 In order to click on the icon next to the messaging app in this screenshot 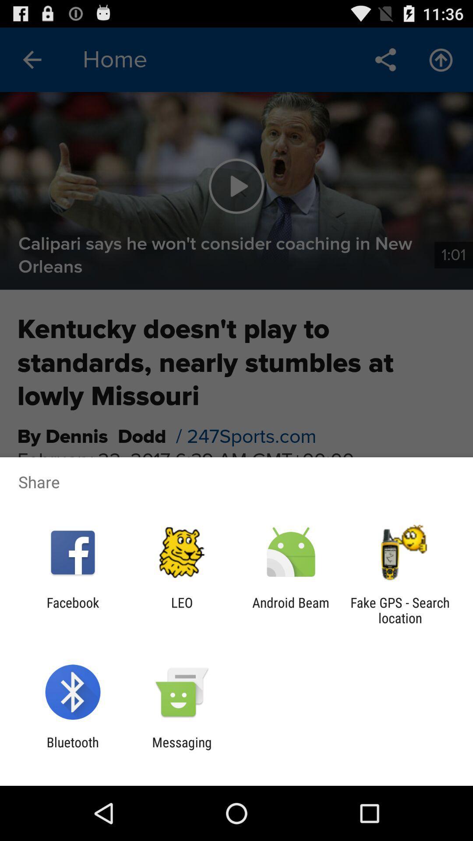, I will do `click(72, 749)`.